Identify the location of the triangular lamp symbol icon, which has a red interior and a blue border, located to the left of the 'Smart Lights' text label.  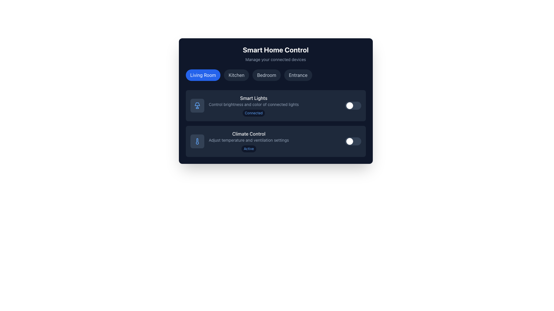
(197, 104).